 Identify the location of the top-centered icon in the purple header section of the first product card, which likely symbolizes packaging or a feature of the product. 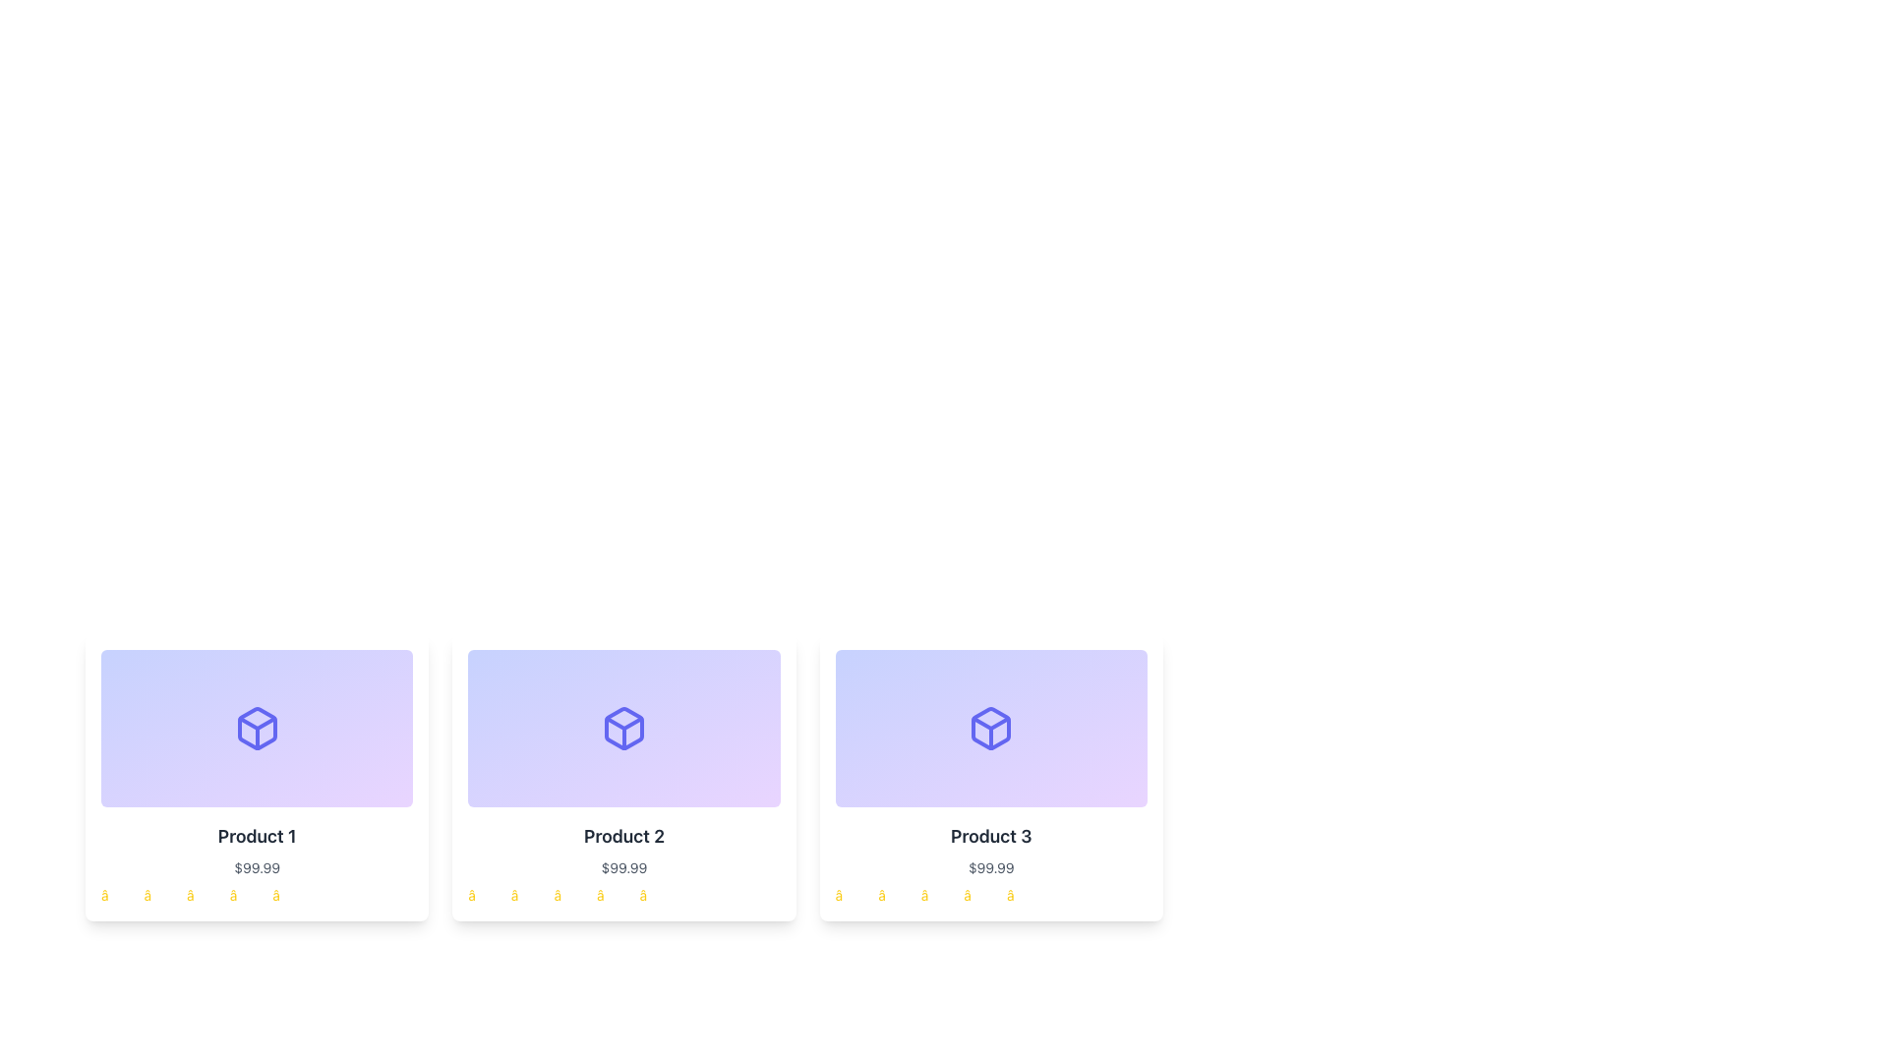
(256, 728).